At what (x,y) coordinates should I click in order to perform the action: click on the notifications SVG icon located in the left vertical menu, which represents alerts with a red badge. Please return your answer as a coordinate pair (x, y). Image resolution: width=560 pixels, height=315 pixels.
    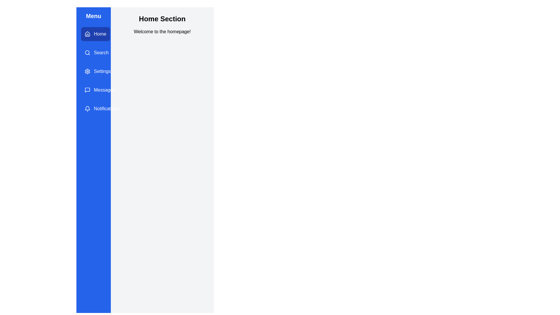
    Looking at the image, I should click on (87, 108).